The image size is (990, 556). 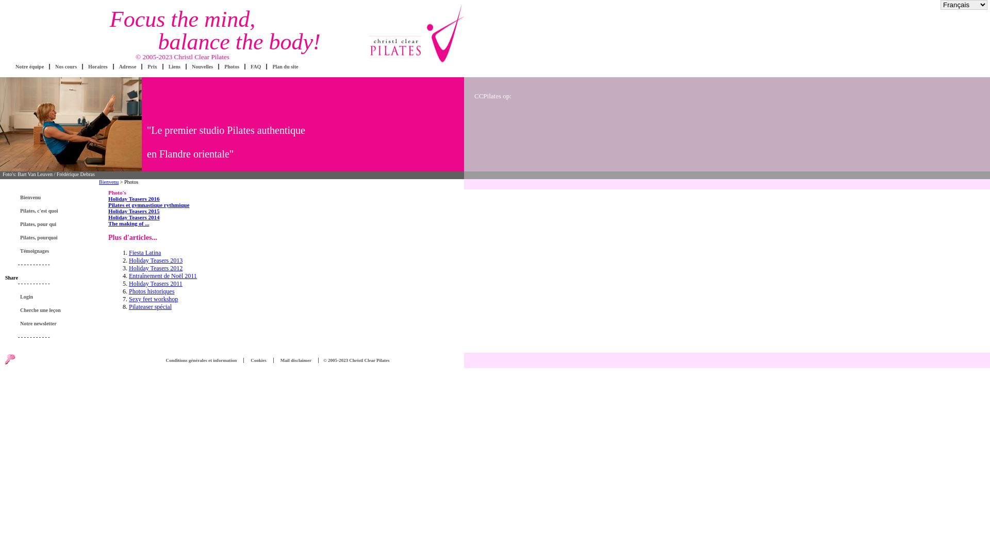 I want to click on 'Photos', so click(x=231, y=66).